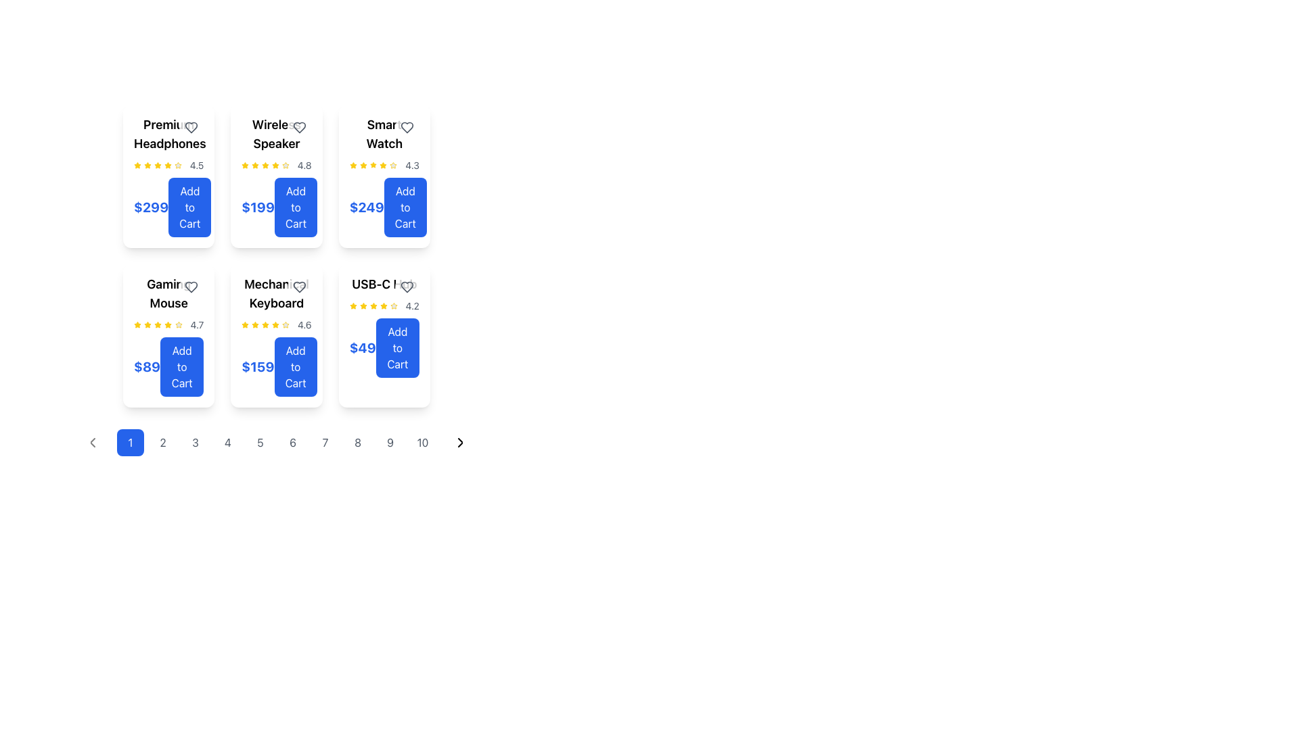  I want to click on the heart-shaped icon in the top-right corner of the 'Premium Headphones' product card to change its color, so click(191, 128).